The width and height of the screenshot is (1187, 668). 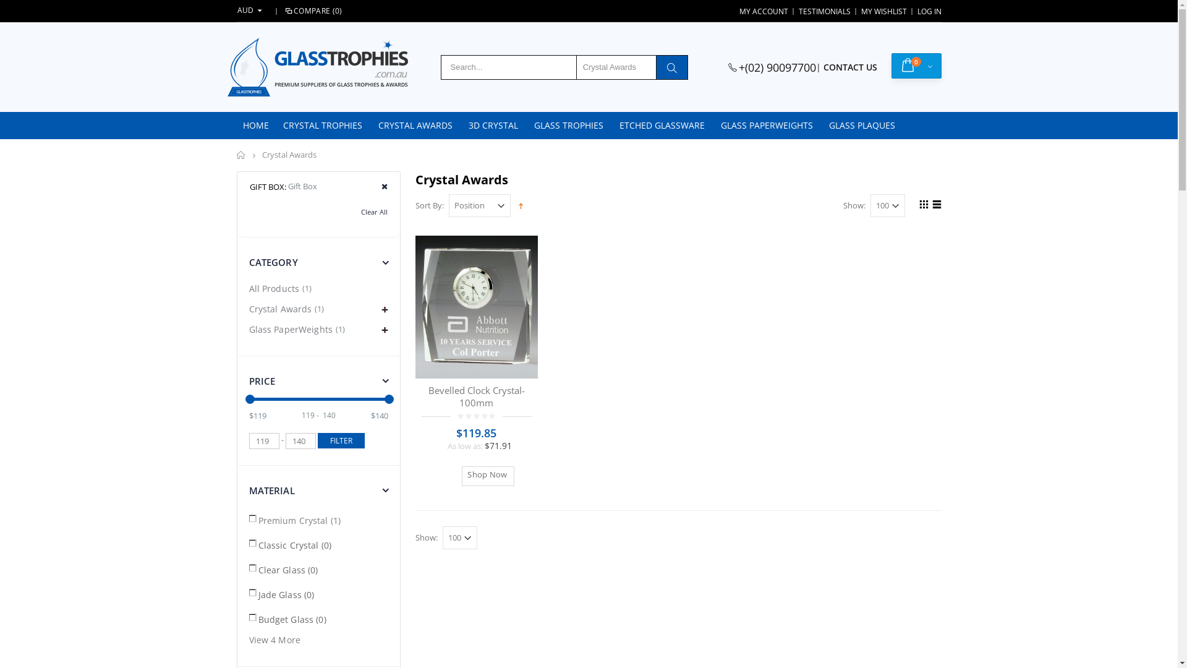 I want to click on 'COMPARE (0)', so click(x=312, y=11).